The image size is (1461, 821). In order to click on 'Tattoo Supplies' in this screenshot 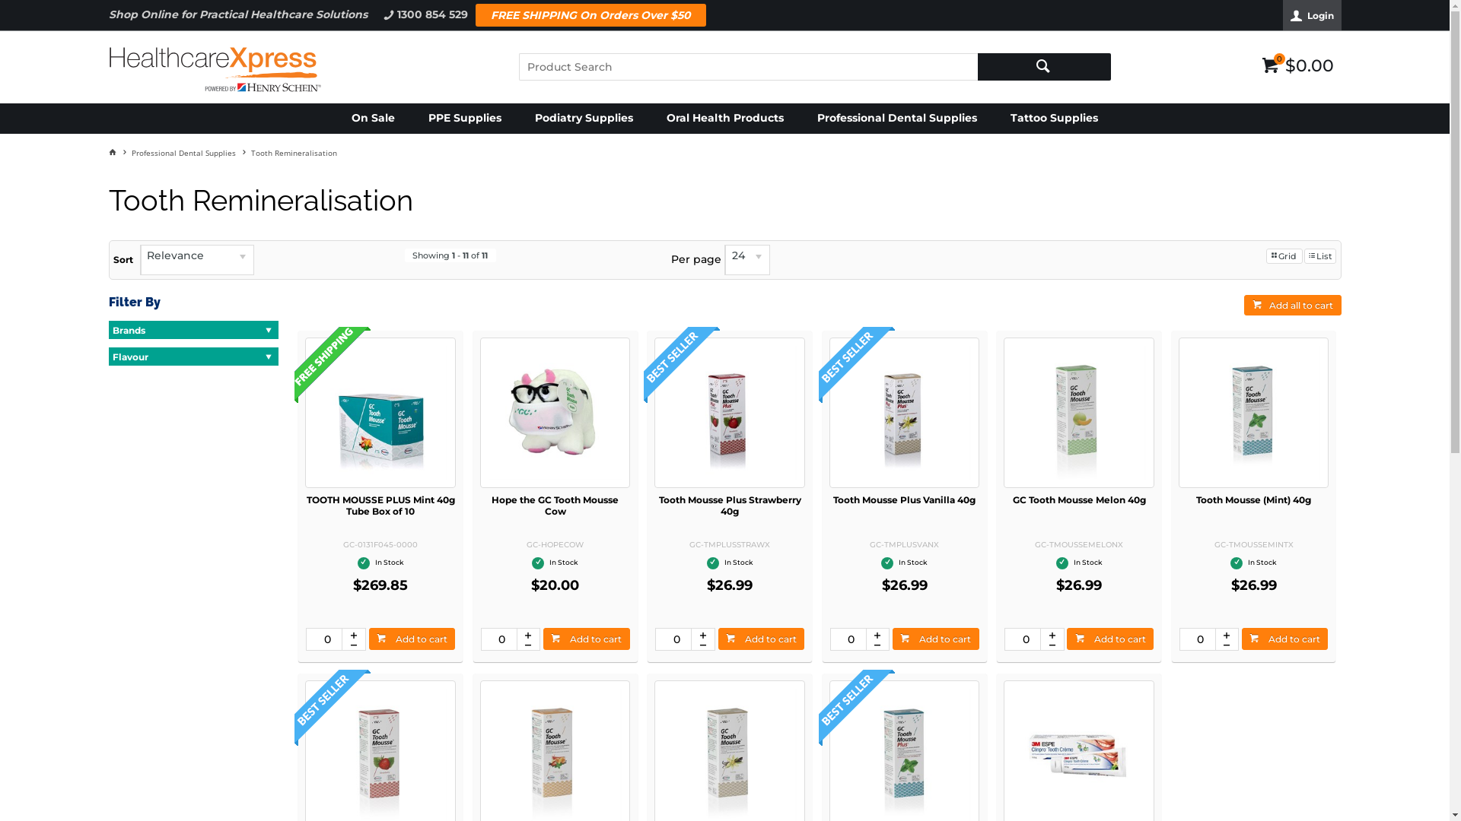, I will do `click(1053, 117)`.